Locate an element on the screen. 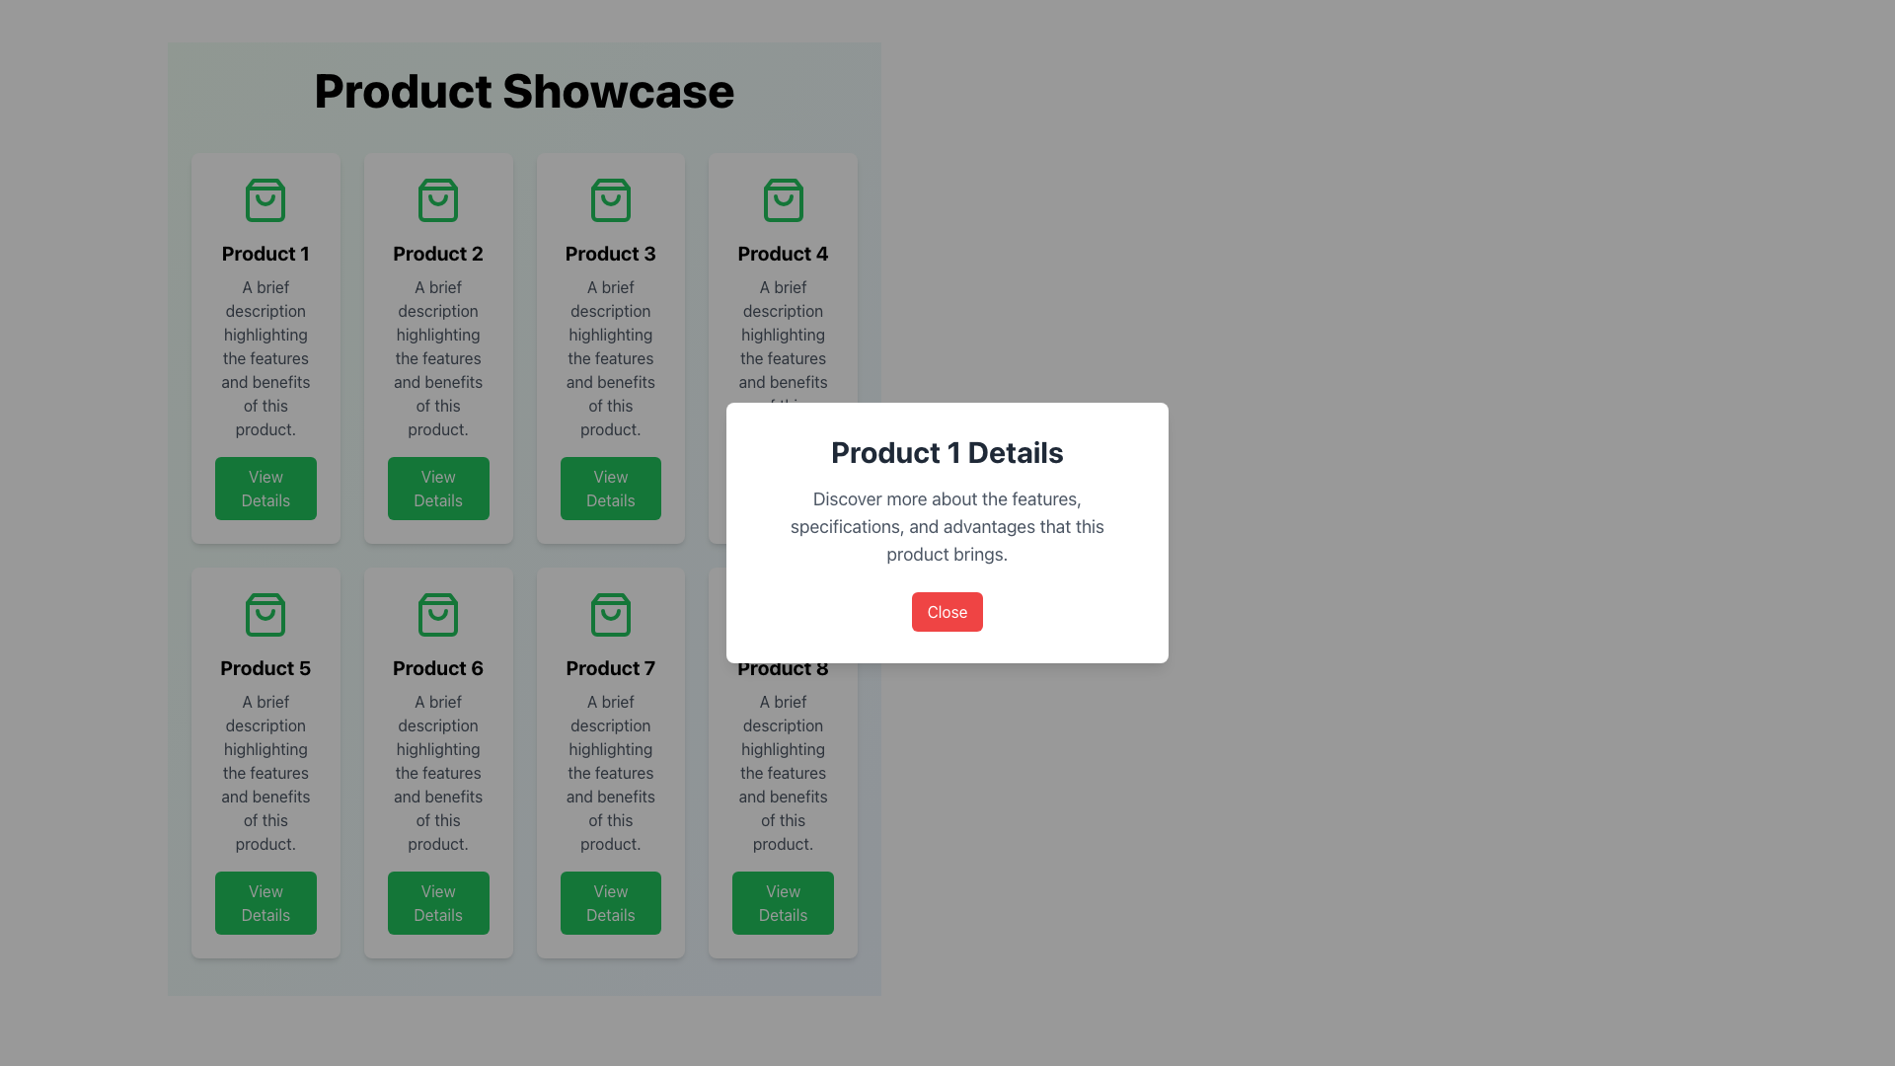  descriptive information text located in the central Text Block of the 'Product 1 Details' modal dialog, positioned below the title and above the red 'Close' button is located at coordinates (947, 525).